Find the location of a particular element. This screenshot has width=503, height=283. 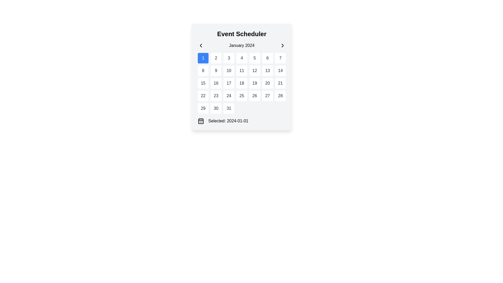

the calendar day cell displaying '25' is located at coordinates (241, 96).